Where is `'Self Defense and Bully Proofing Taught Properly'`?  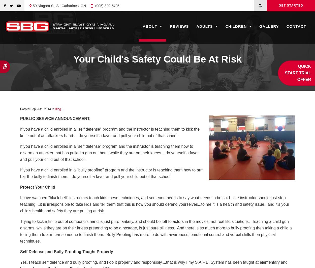
'Self Defense and Bully Proofing Taught Properly' is located at coordinates (67, 251).